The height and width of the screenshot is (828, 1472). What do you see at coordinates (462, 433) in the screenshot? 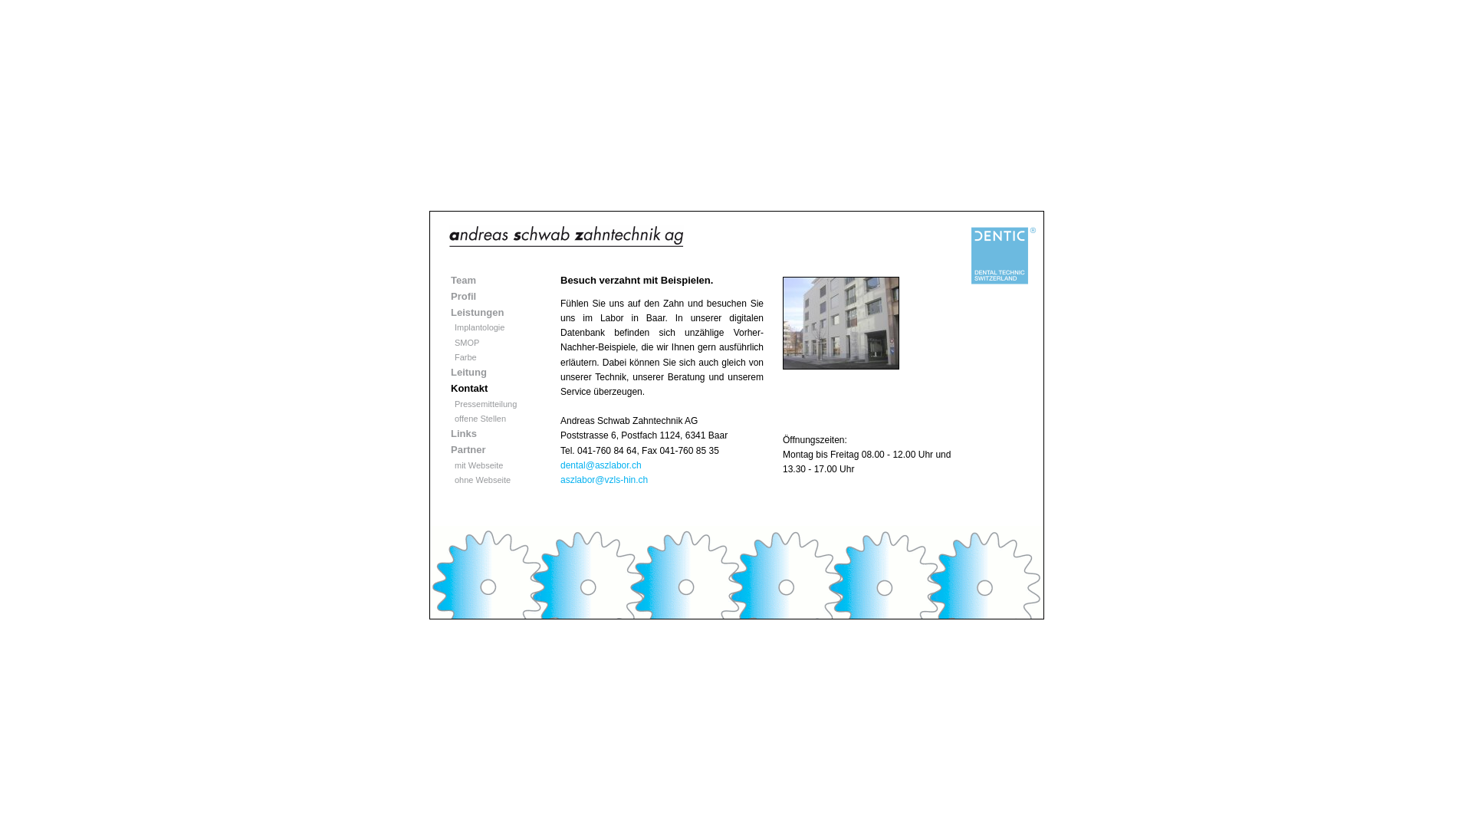
I see `'Links'` at bounding box center [462, 433].